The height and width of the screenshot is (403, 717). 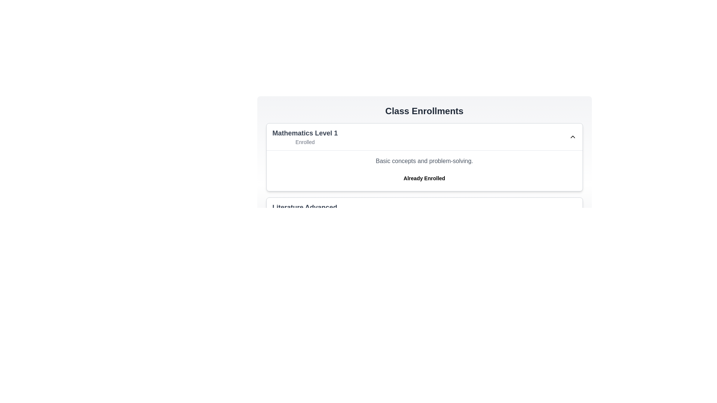 What do you see at coordinates (305, 216) in the screenshot?
I see `the status indicator text label that denotes the availability status of 'Literature Advanced', located within the 'Literature AdvancedAvailable' group` at bounding box center [305, 216].